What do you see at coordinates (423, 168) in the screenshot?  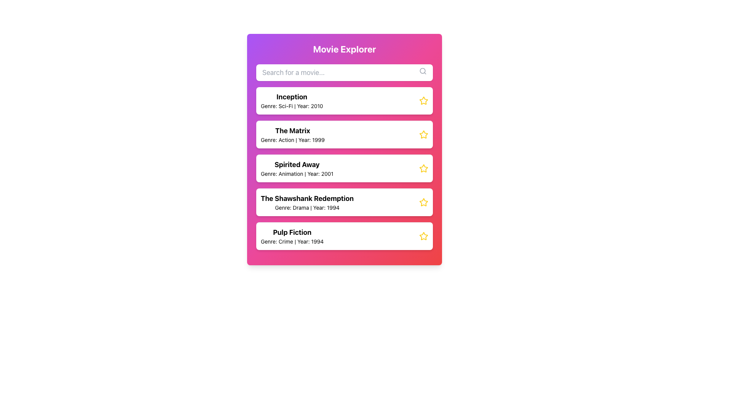 I see `the star icon indicating a rating or favorite for the movie 'Spirited Away'` at bounding box center [423, 168].